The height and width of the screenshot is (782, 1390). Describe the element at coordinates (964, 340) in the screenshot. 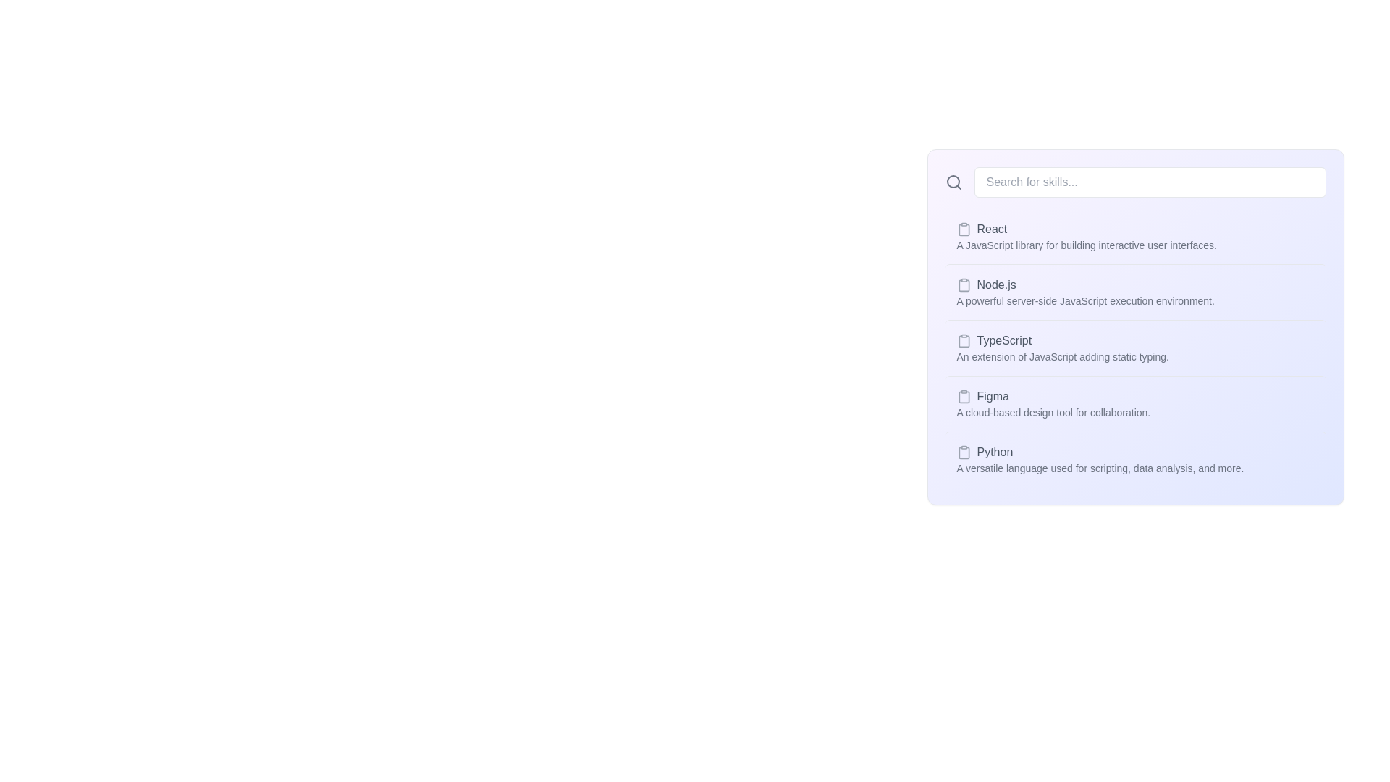

I see `the clipboard icon representing the TypeScript entry` at that location.